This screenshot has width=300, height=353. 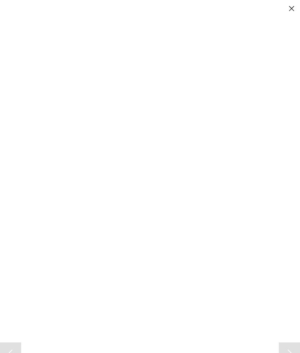 What do you see at coordinates (145, 263) in the screenshot?
I see `'Don Lansu for the Northwest Herald:Crystal Lake So. Jr. Cassey Sivesand
sets for the point during super sectional Class 4 A at Huntley H.S. 11/9/2013. Crystal Lake So. won both matches against Lake Zurich.'` at bounding box center [145, 263].